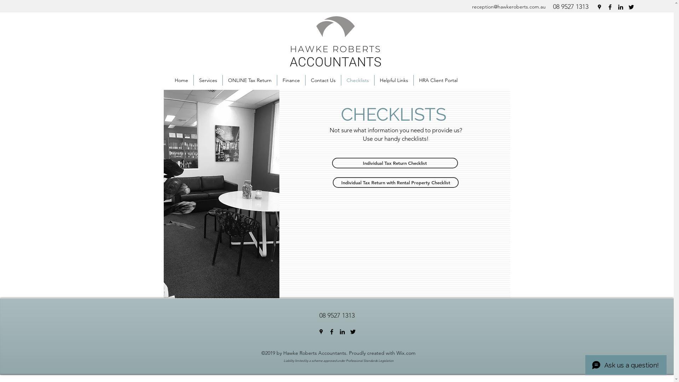  Describe the element at coordinates (358, 80) in the screenshot. I see `'Checklists'` at that location.